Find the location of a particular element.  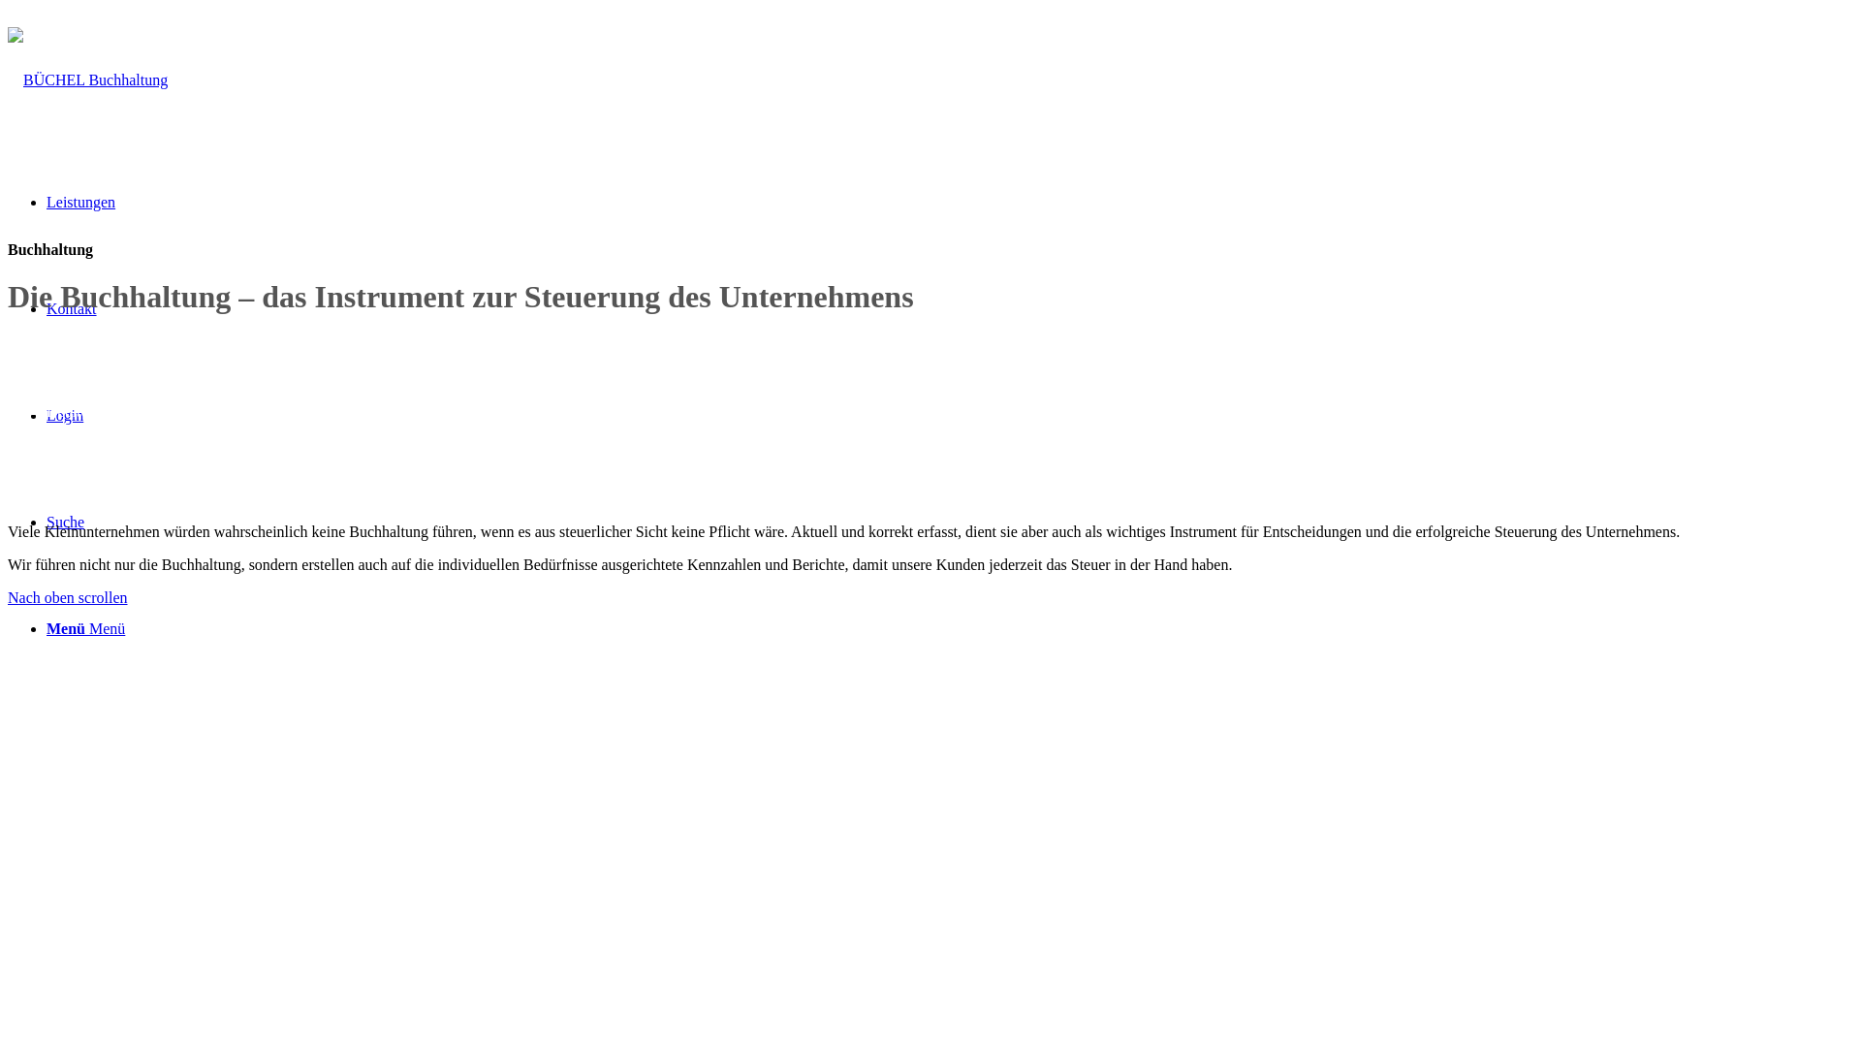

'Kontakt' is located at coordinates (71, 307).